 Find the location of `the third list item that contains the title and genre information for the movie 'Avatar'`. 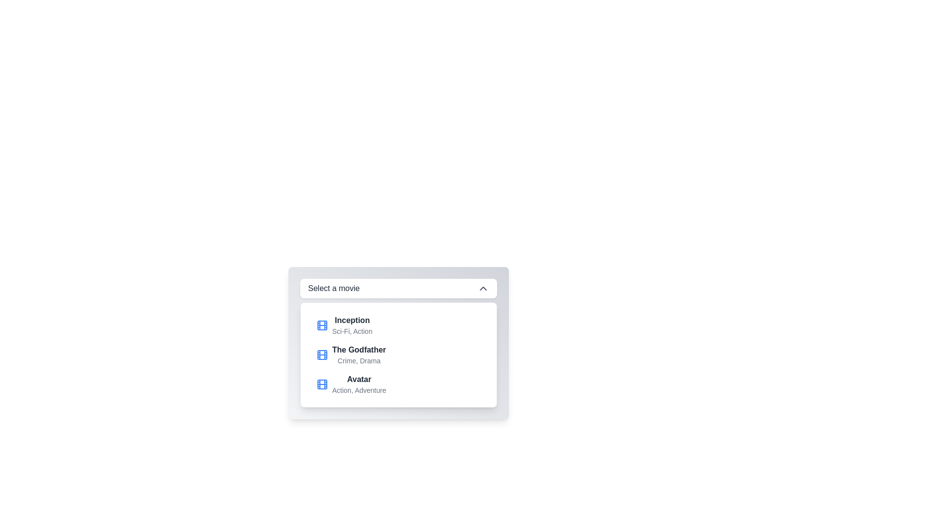

the third list item that contains the title and genre information for the movie 'Avatar' is located at coordinates (358, 384).